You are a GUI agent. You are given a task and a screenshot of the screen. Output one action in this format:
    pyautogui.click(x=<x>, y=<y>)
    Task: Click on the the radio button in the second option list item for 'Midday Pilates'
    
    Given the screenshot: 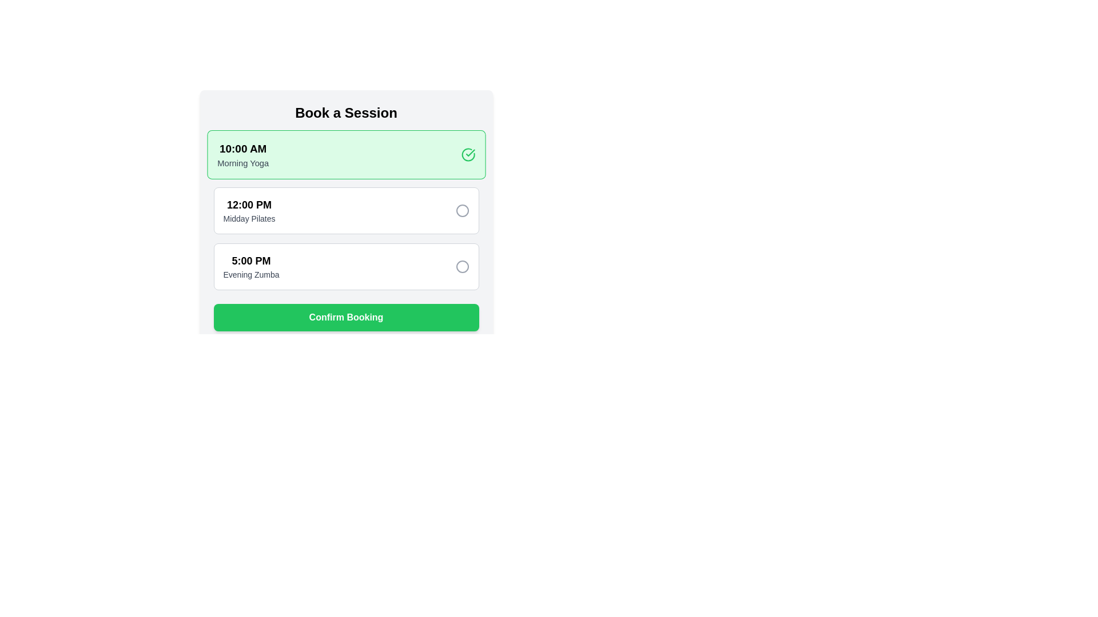 What is the action you would take?
    pyautogui.click(x=345, y=211)
    